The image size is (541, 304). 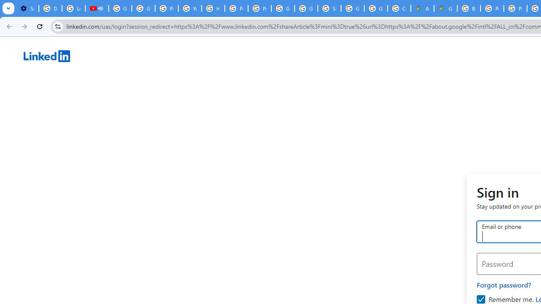 I want to click on 'Settings - Customize profile', so click(x=27, y=8).